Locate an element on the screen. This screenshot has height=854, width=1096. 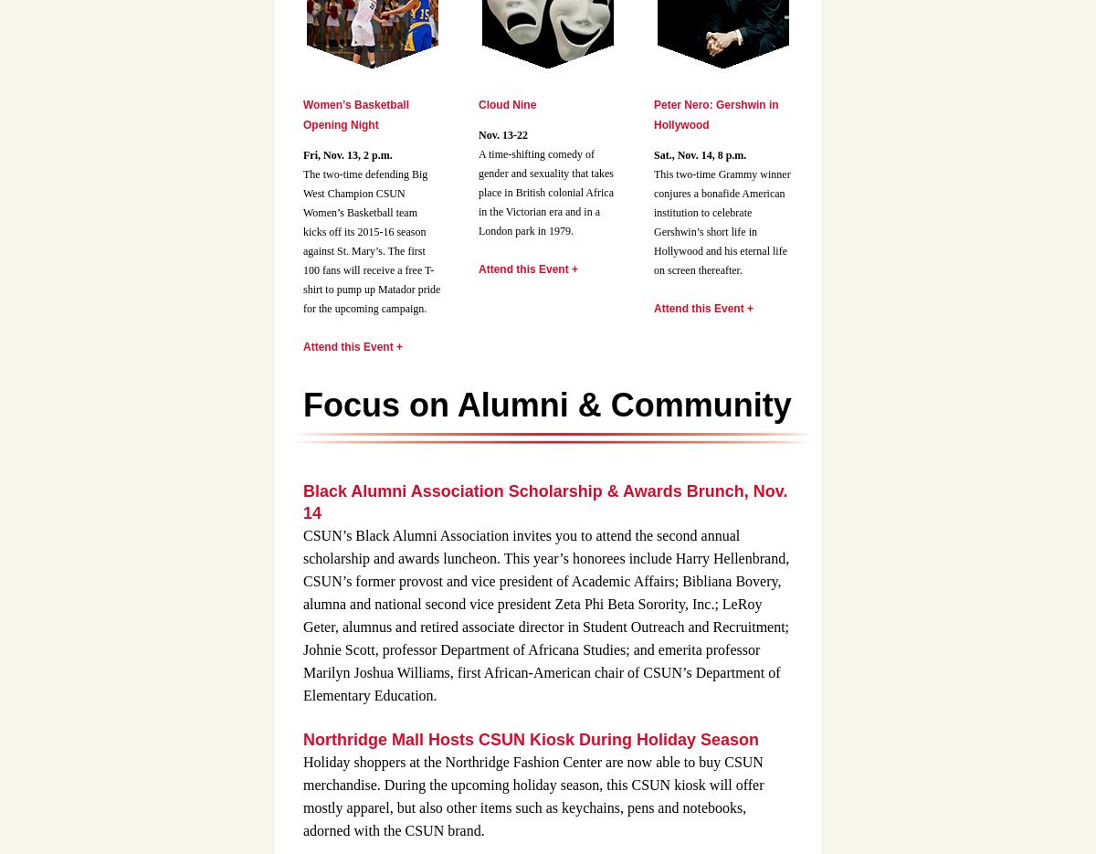
'Peter Nero: Gershwin in Hollywood' is located at coordinates (714, 114).